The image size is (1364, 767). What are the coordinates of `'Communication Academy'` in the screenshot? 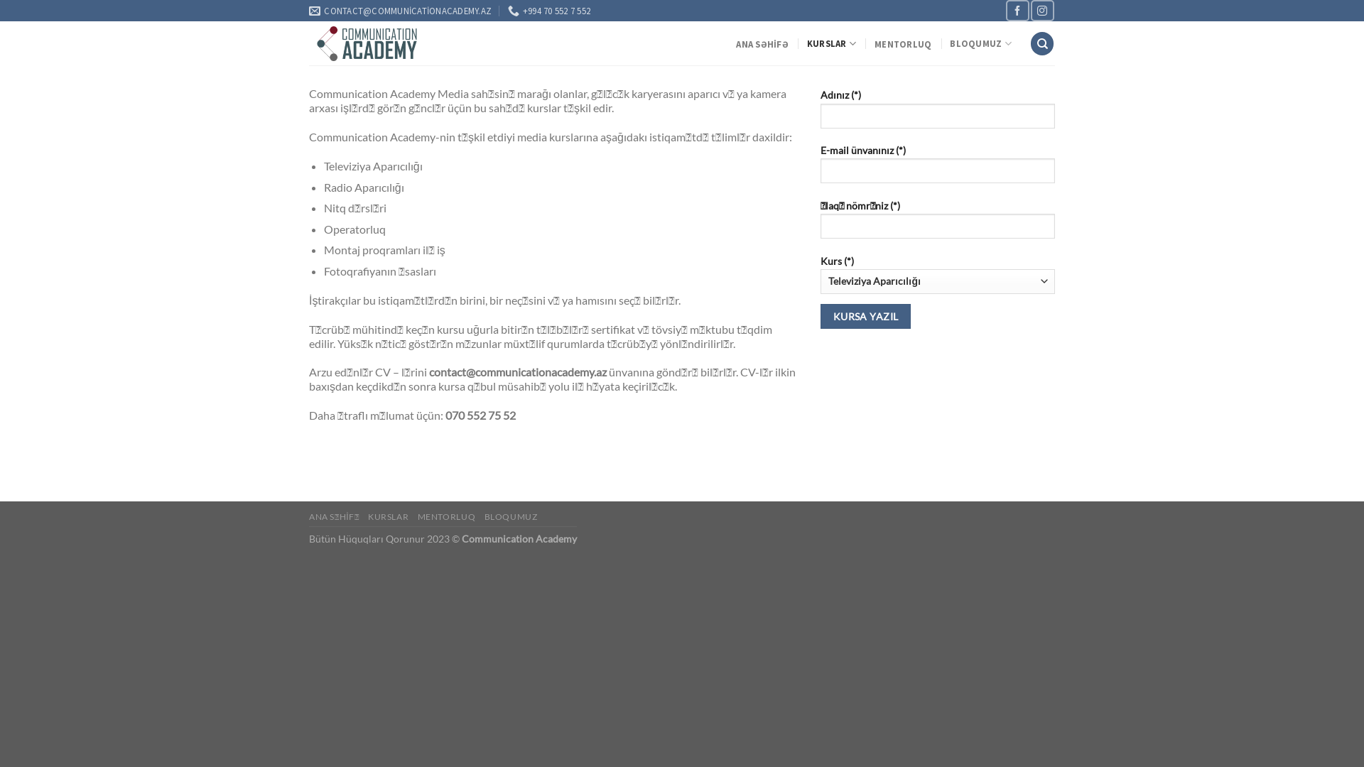 It's located at (368, 43).